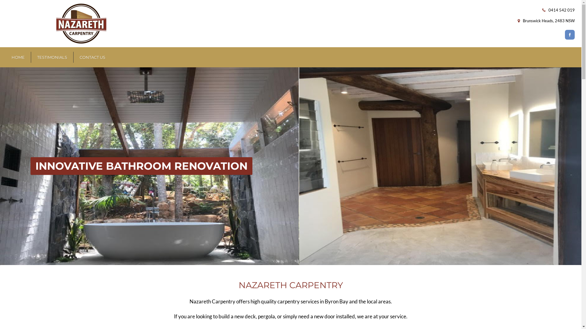 This screenshot has height=329, width=586. I want to click on 'CONTACT US', so click(92, 57).